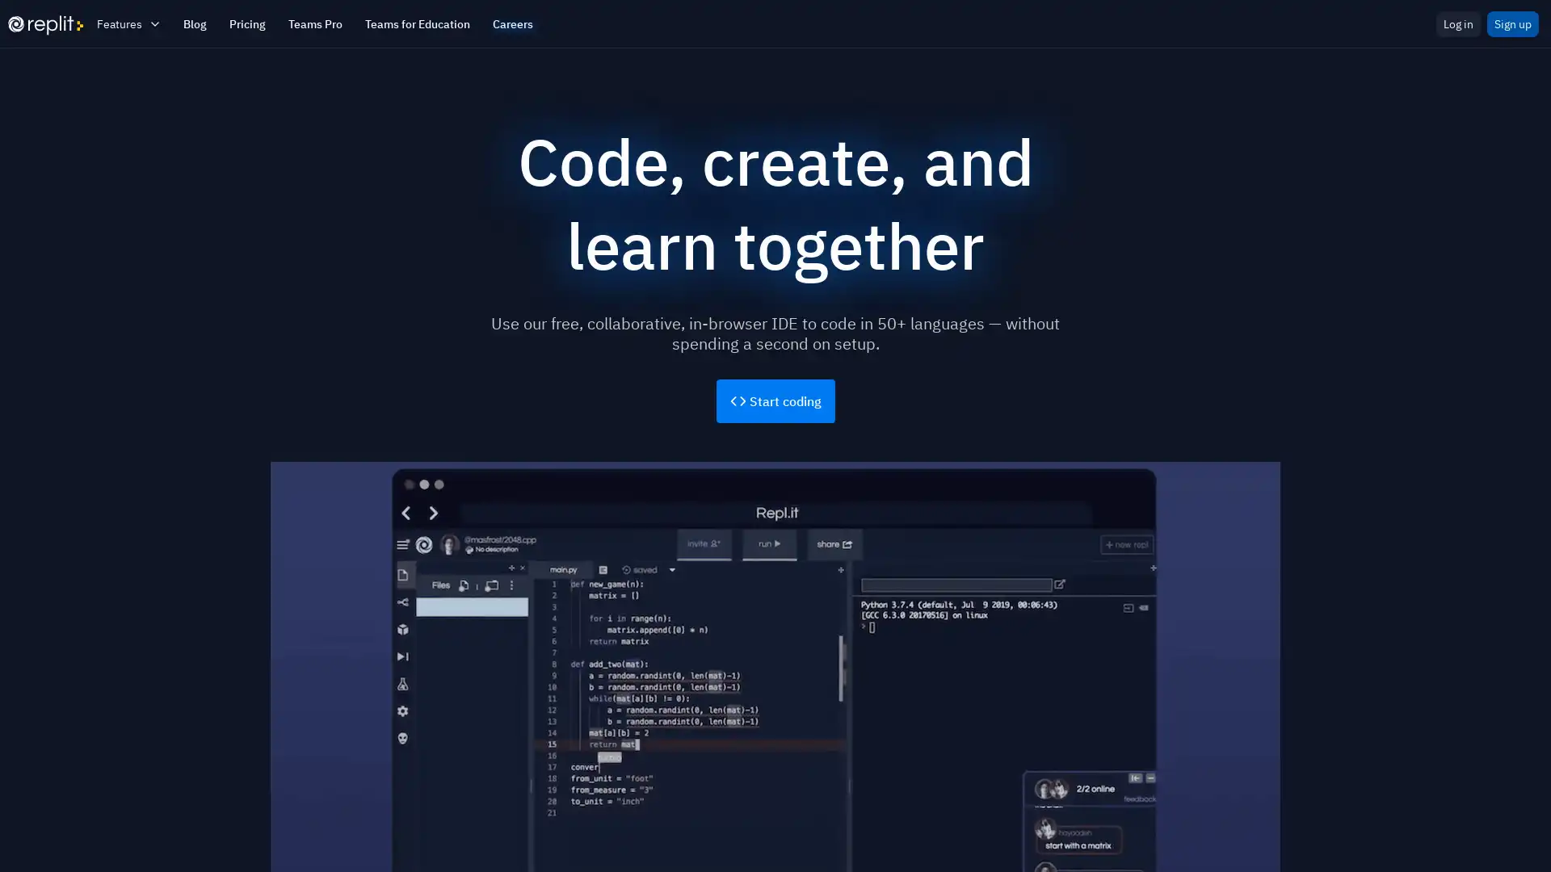  What do you see at coordinates (774, 400) in the screenshot?
I see `Start coding` at bounding box center [774, 400].